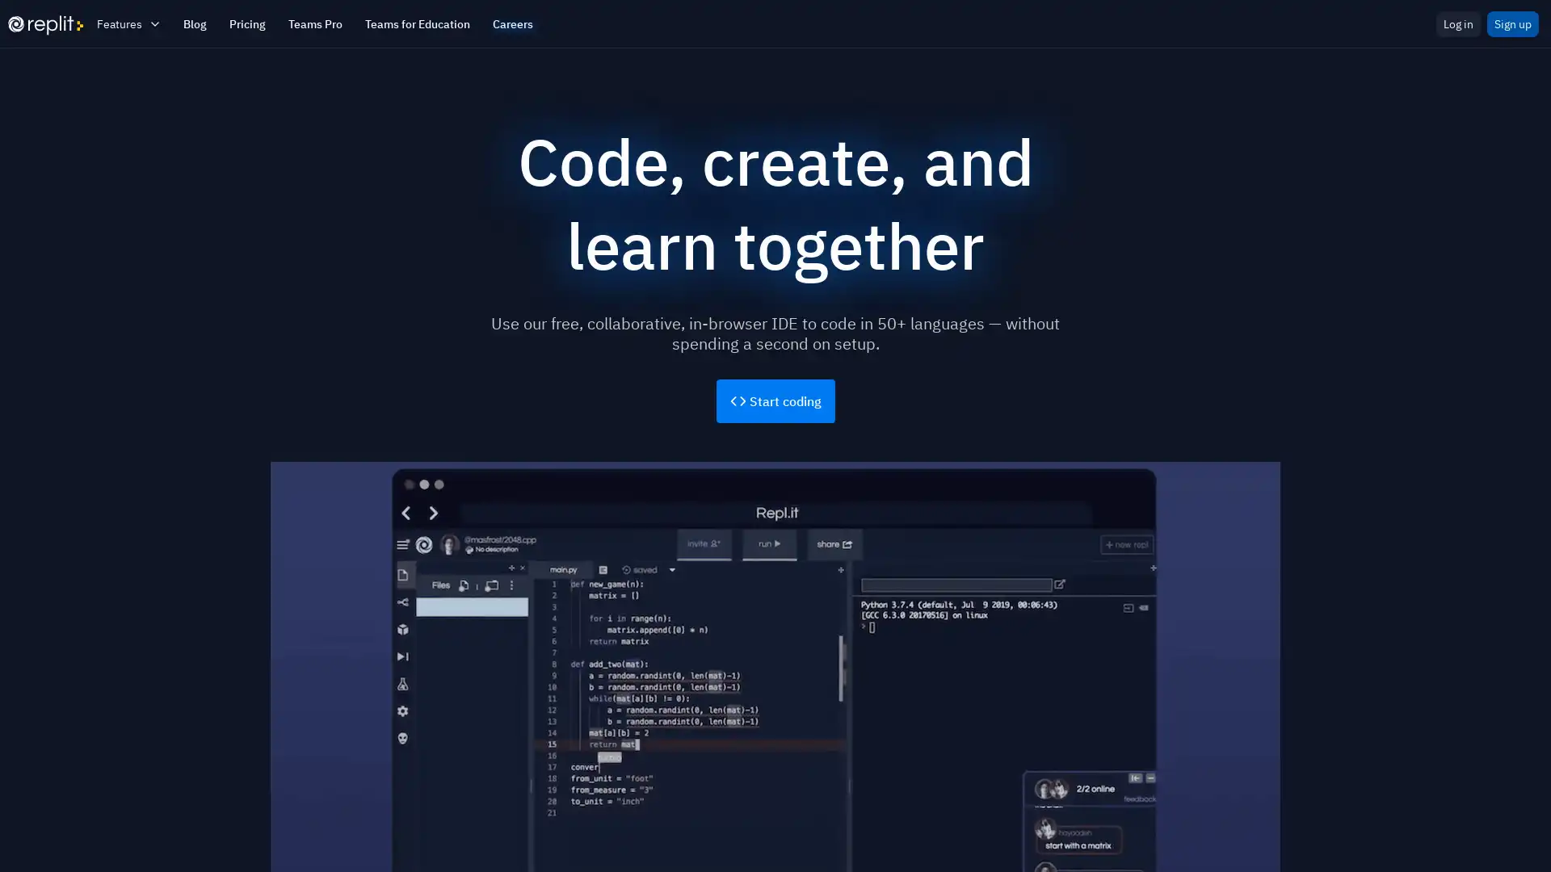  What do you see at coordinates (774, 400) in the screenshot?
I see `Start coding` at bounding box center [774, 400].